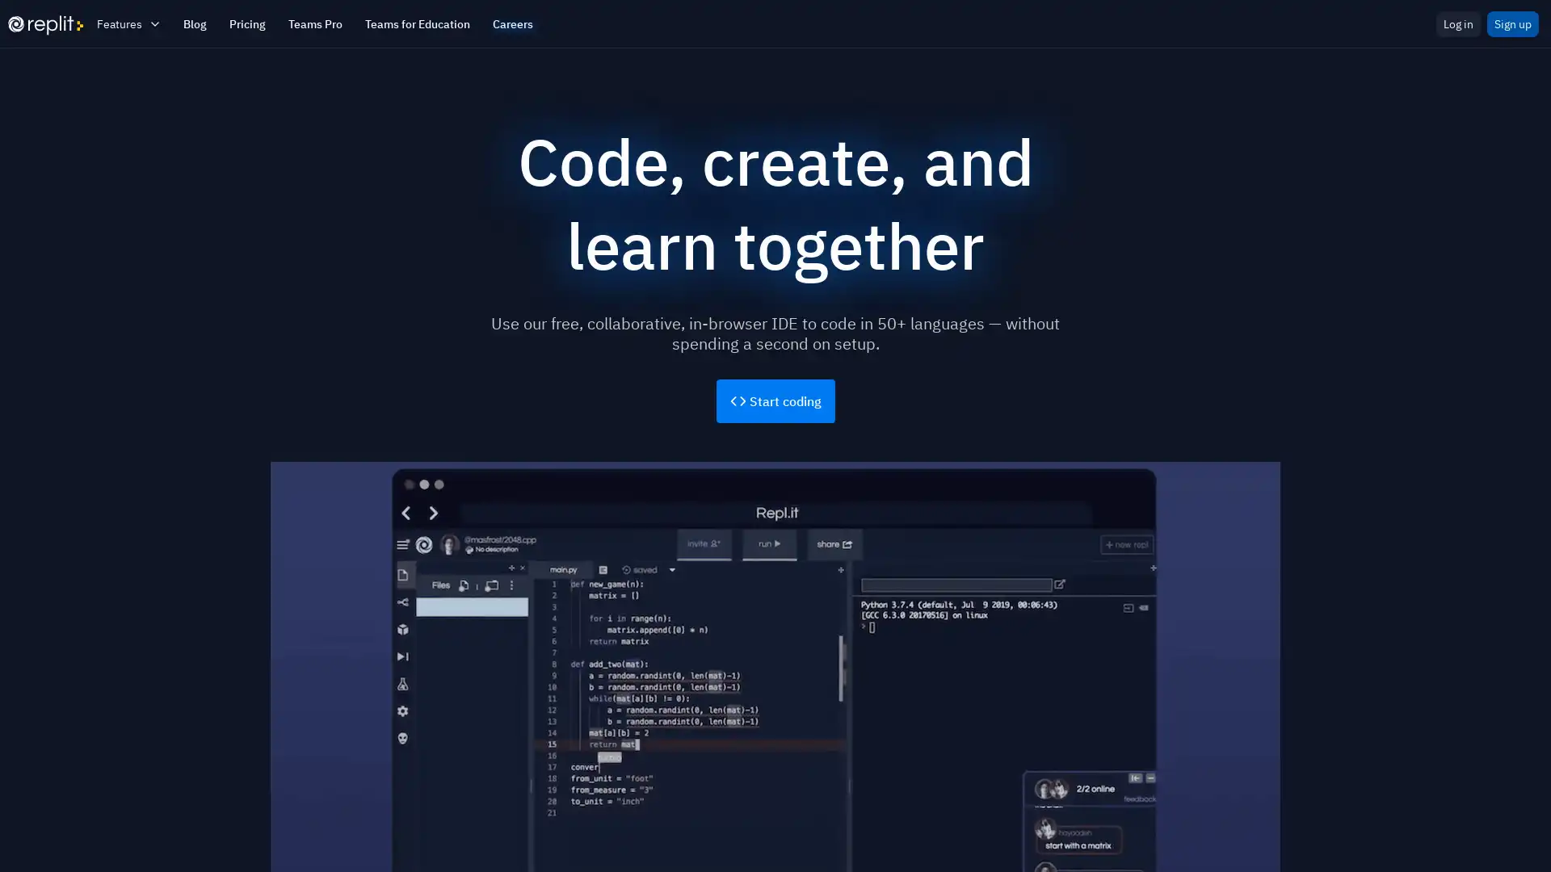  What do you see at coordinates (774, 400) in the screenshot?
I see `Start coding` at bounding box center [774, 400].